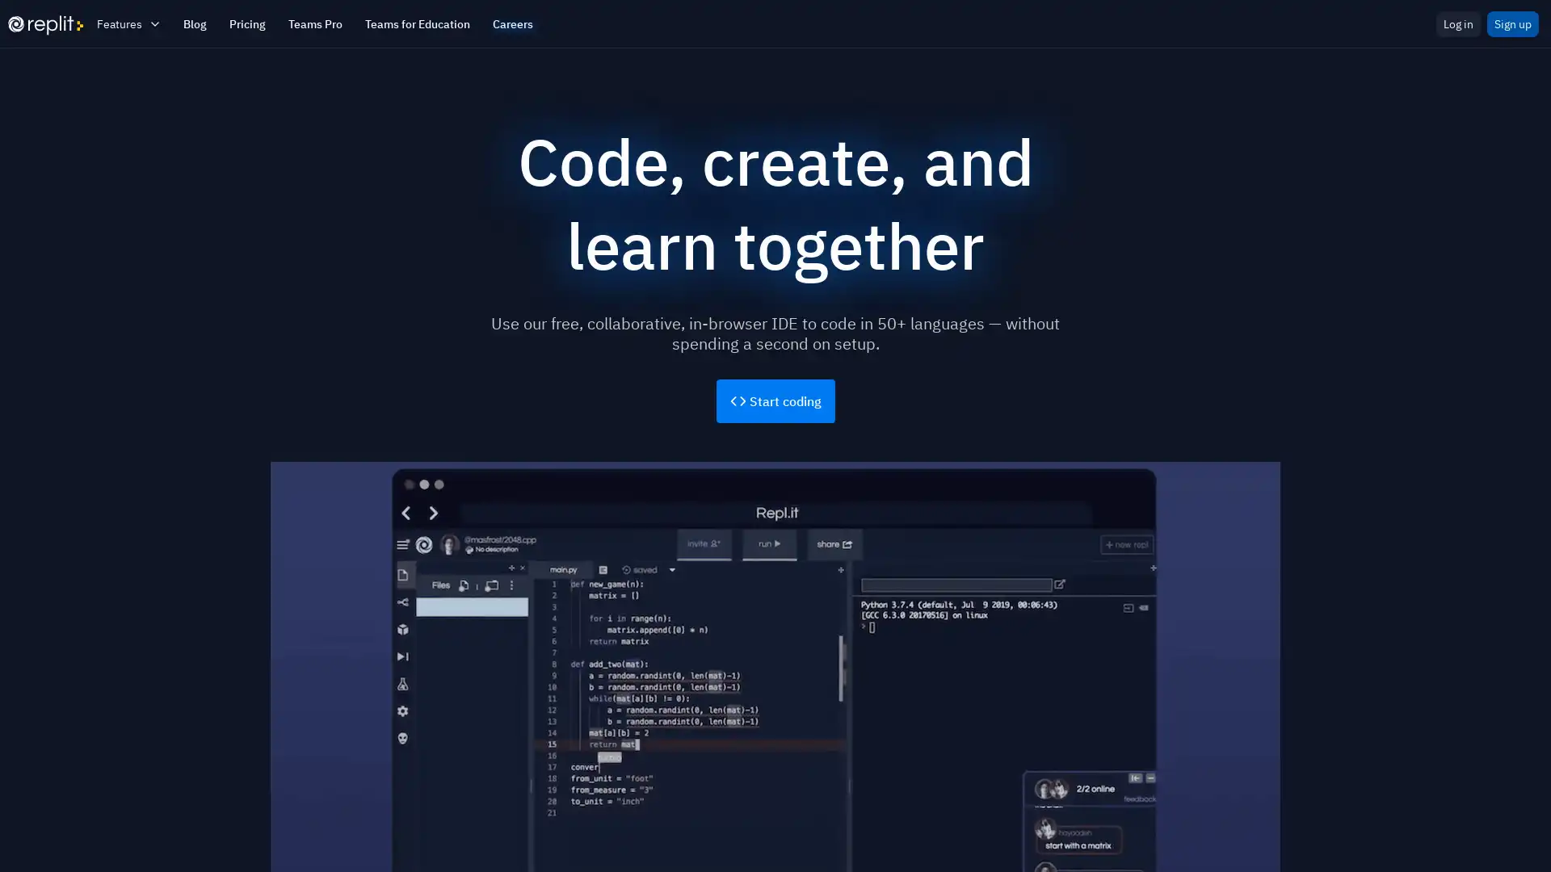  What do you see at coordinates (774, 400) in the screenshot?
I see `Start coding` at bounding box center [774, 400].